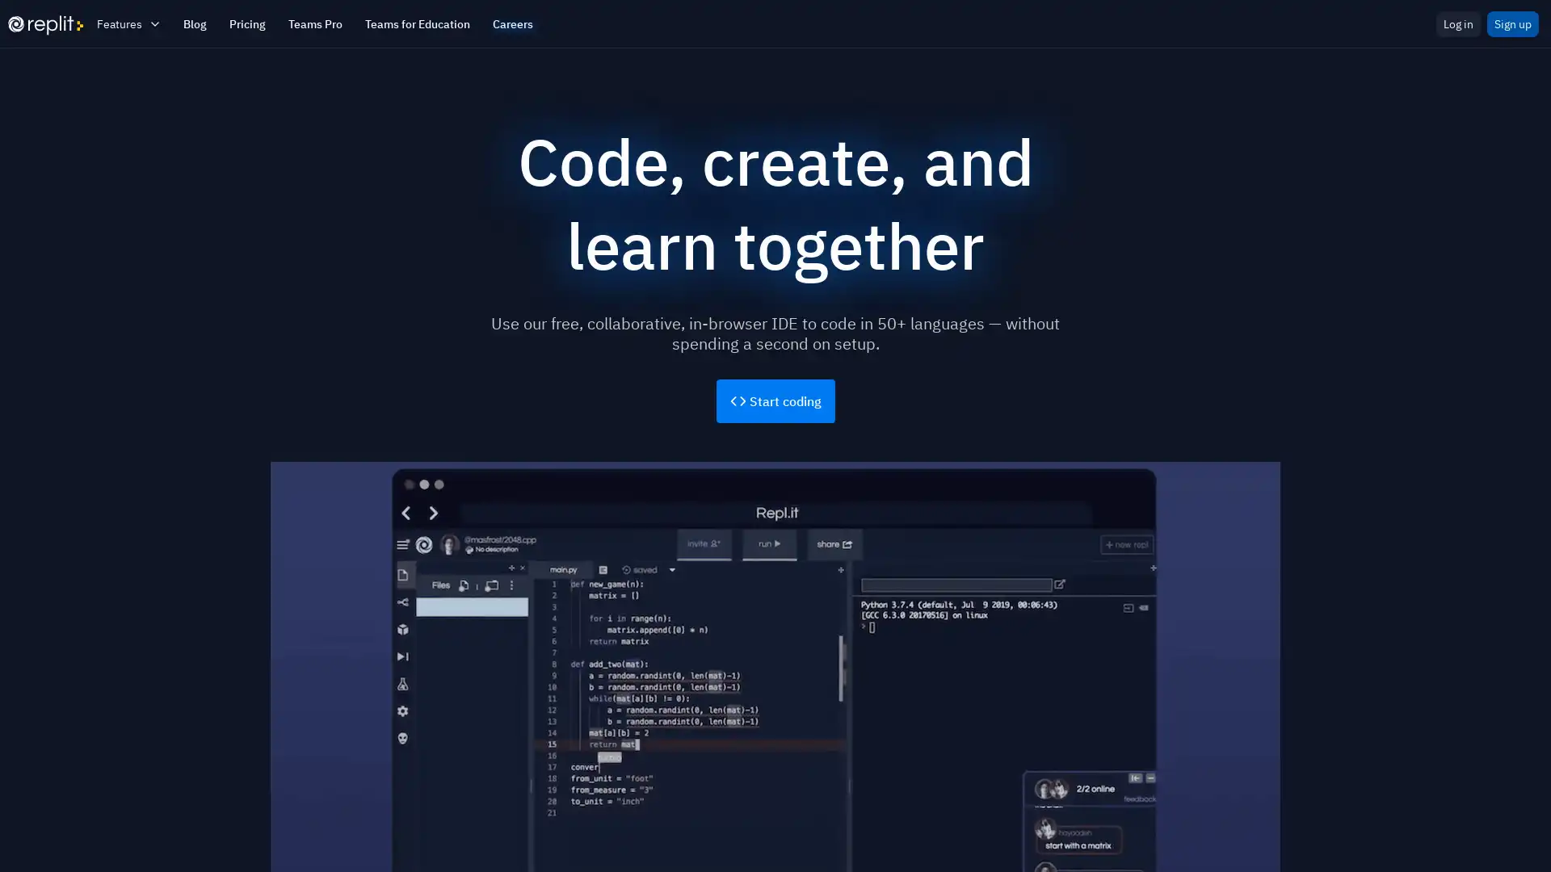  What do you see at coordinates (774, 400) in the screenshot?
I see `Start coding` at bounding box center [774, 400].